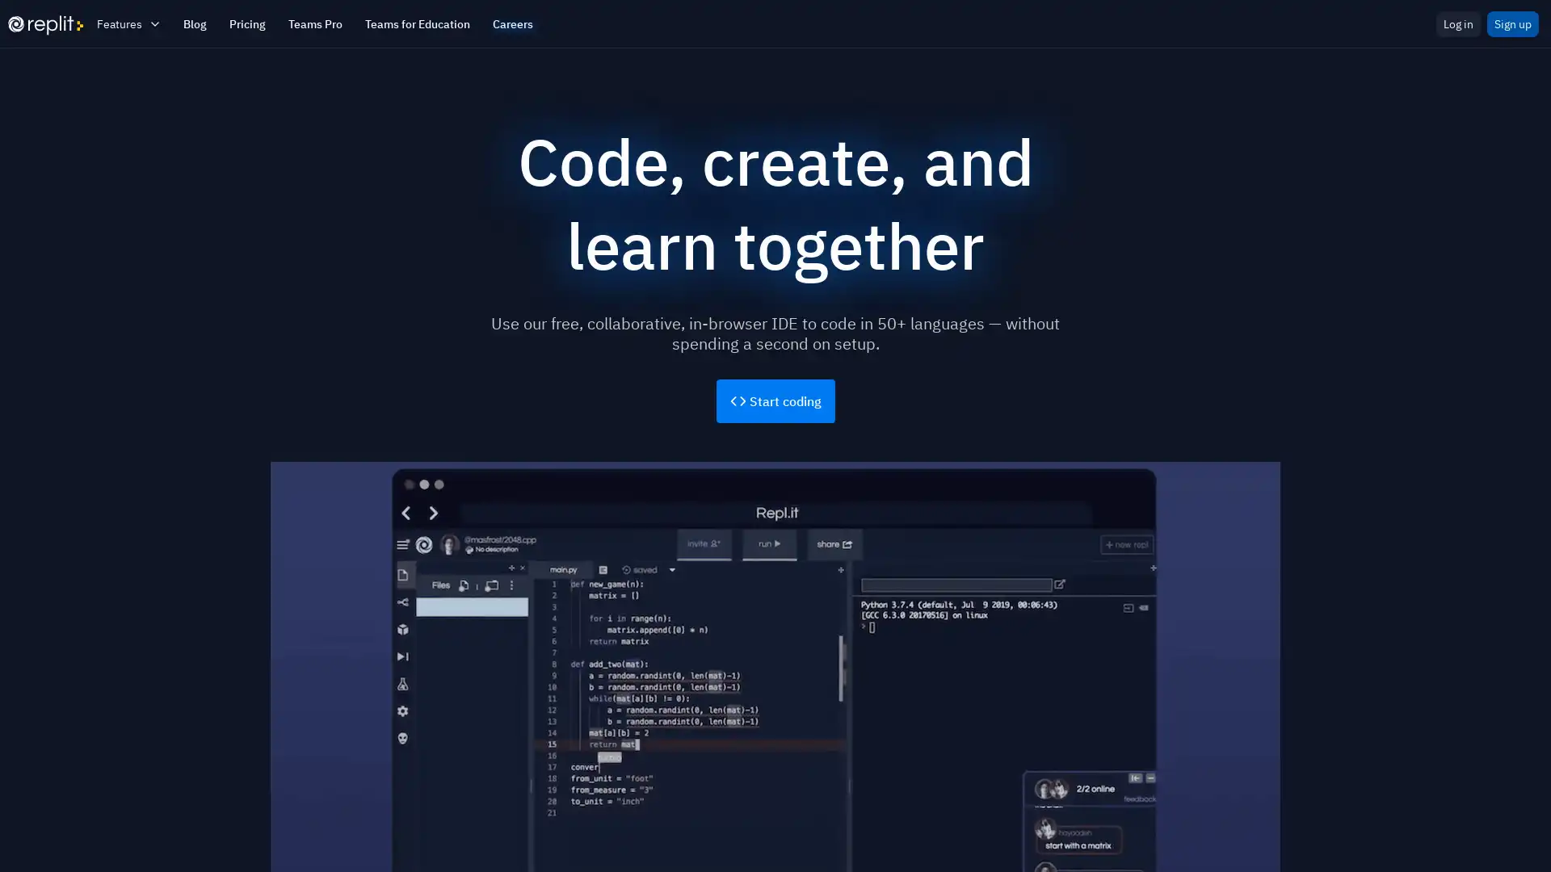  What do you see at coordinates (774, 400) in the screenshot?
I see `Start coding` at bounding box center [774, 400].